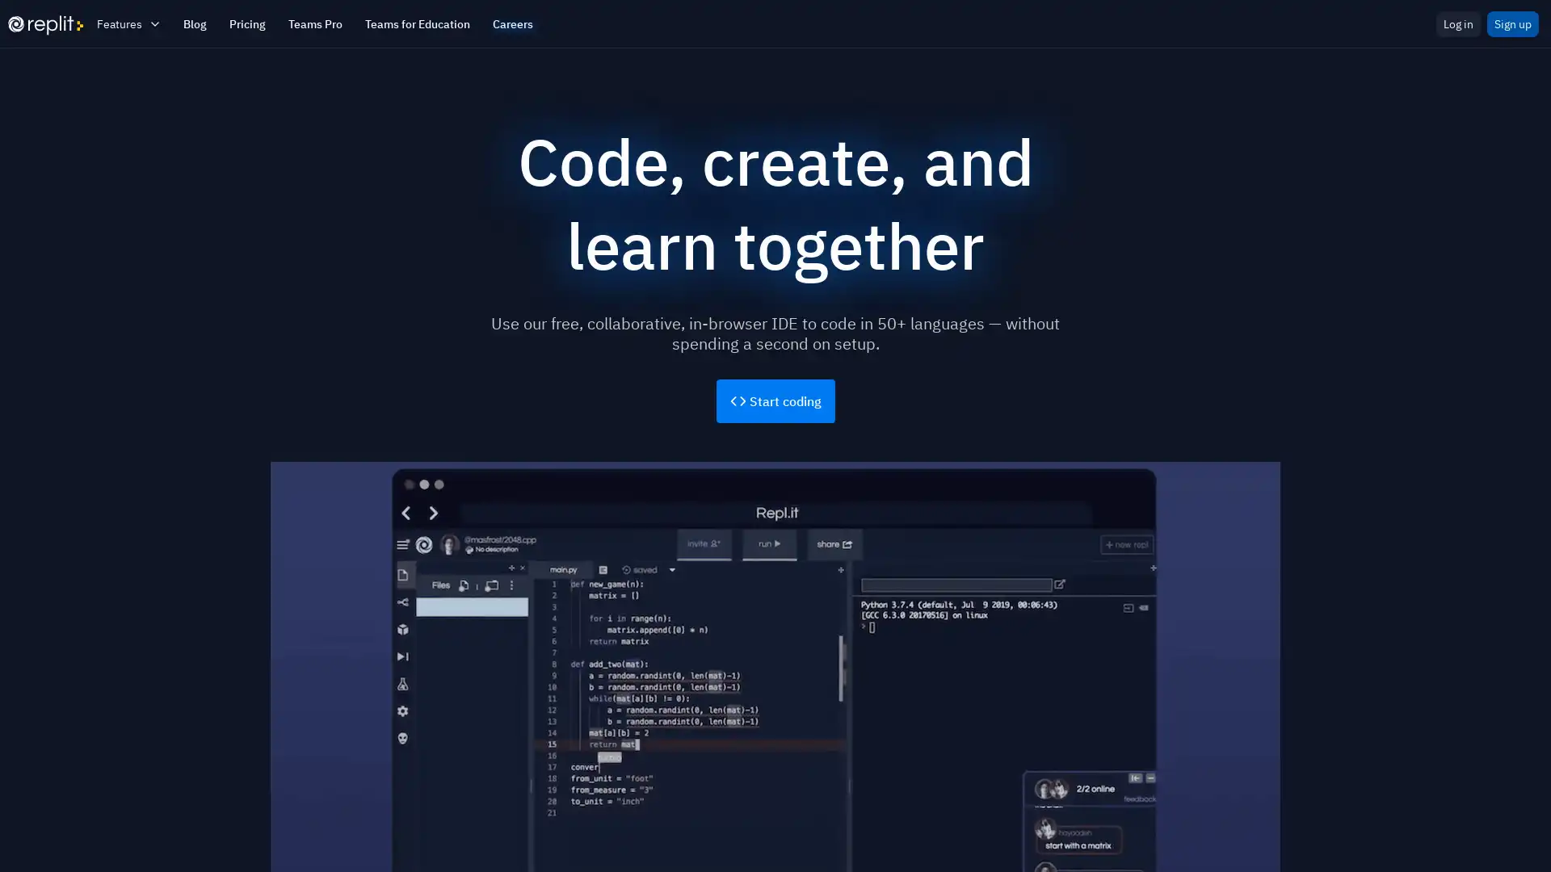  What do you see at coordinates (774, 400) in the screenshot?
I see `Start coding` at bounding box center [774, 400].